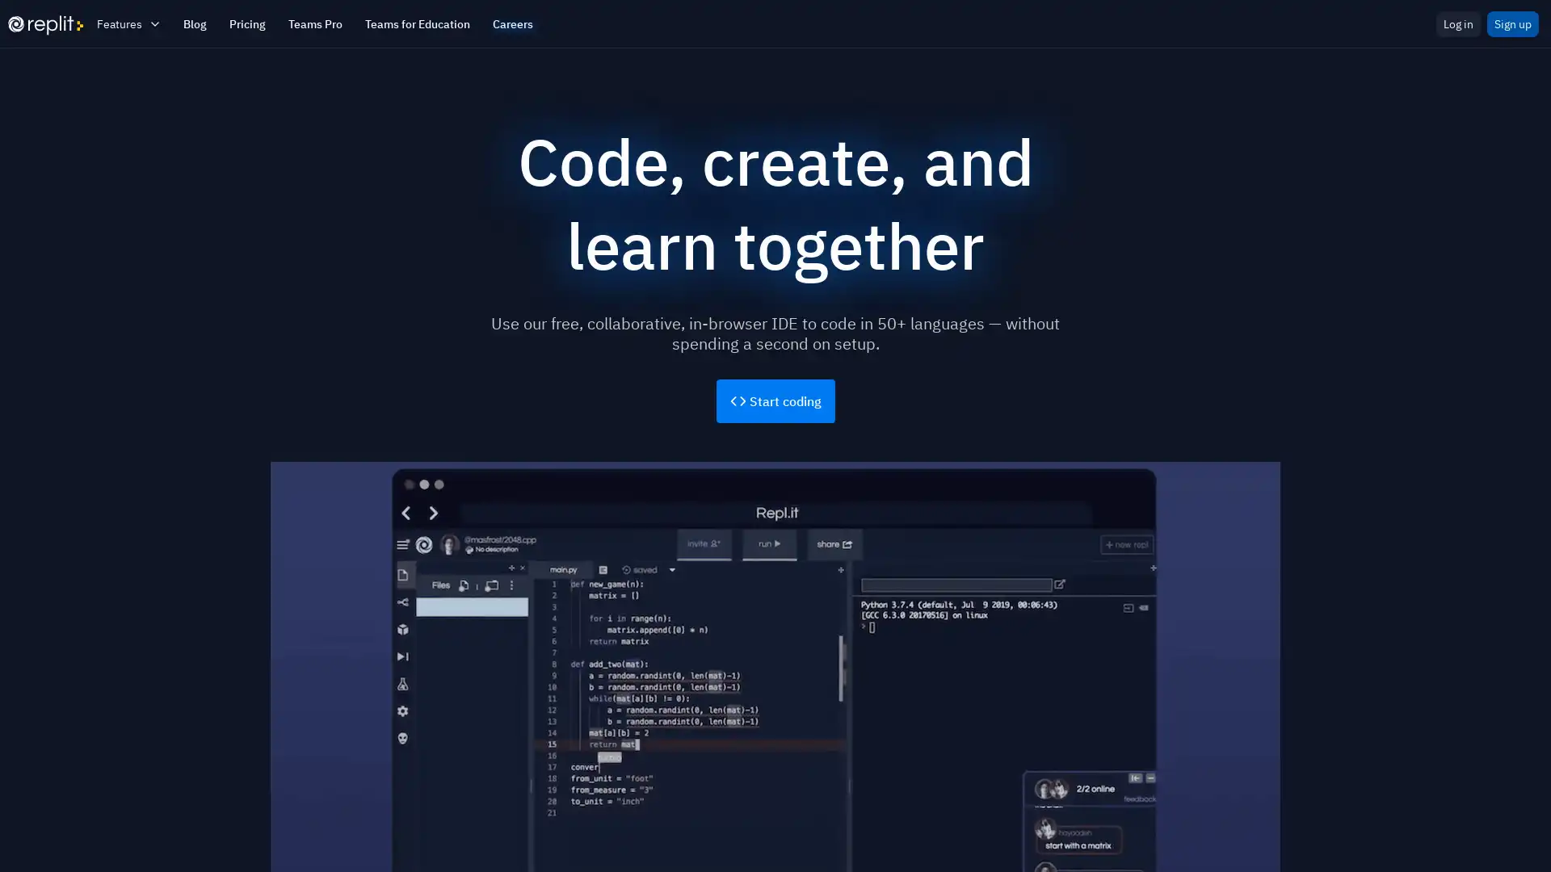  What do you see at coordinates (774, 400) in the screenshot?
I see `Start coding` at bounding box center [774, 400].